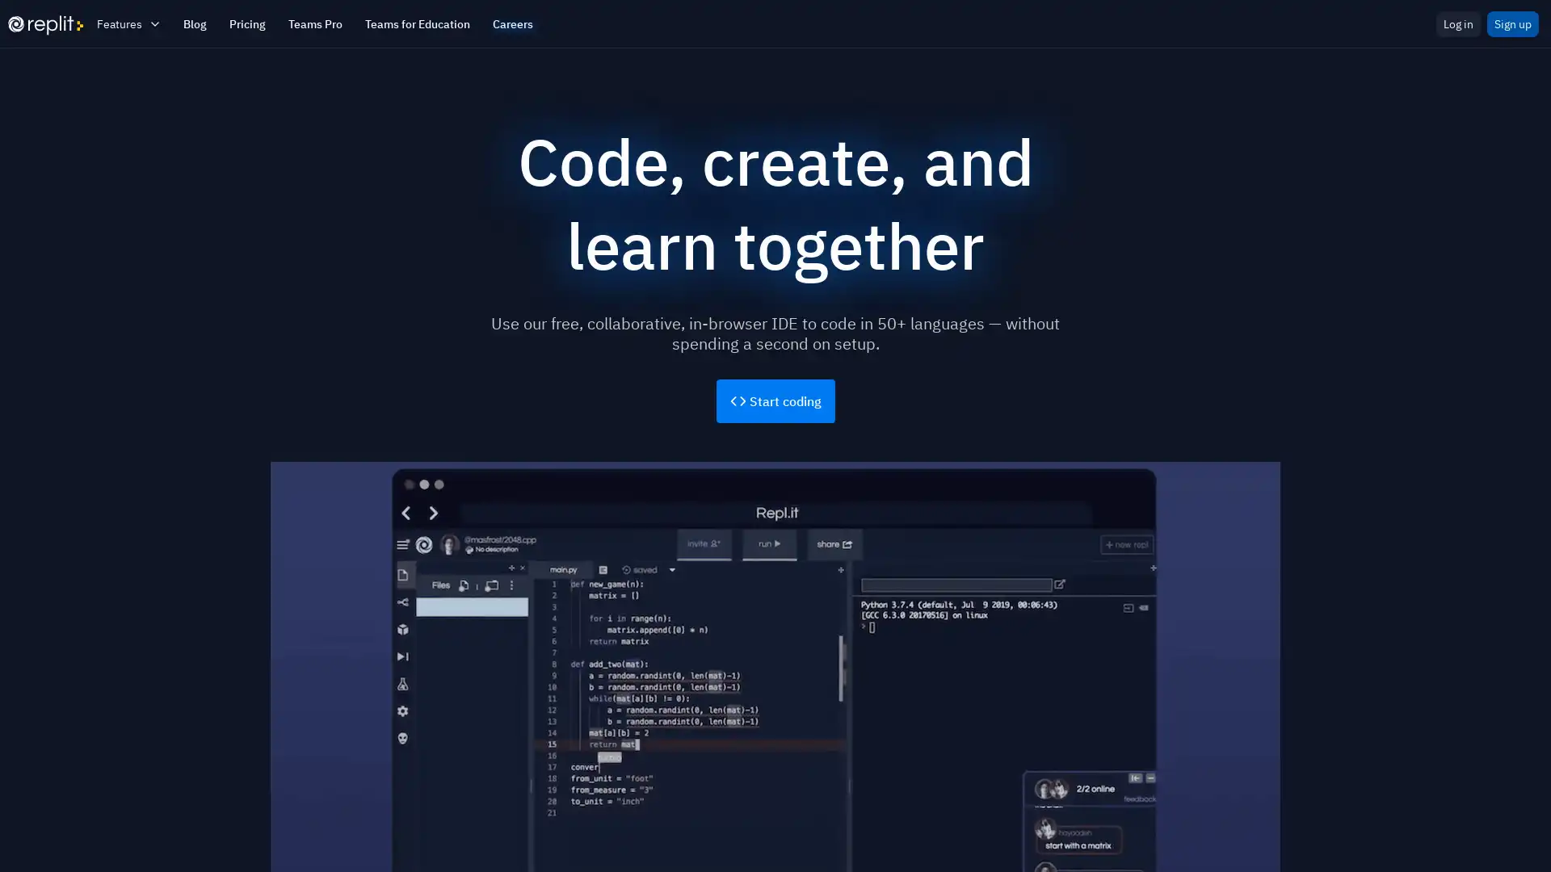  What do you see at coordinates (774, 400) in the screenshot?
I see `Start coding` at bounding box center [774, 400].